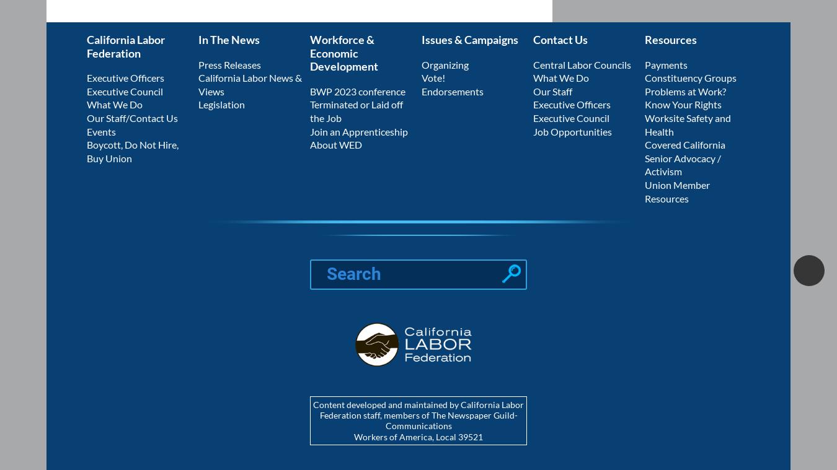 The height and width of the screenshot is (470, 837). Describe the element at coordinates (101, 131) in the screenshot. I see `'Events'` at that location.